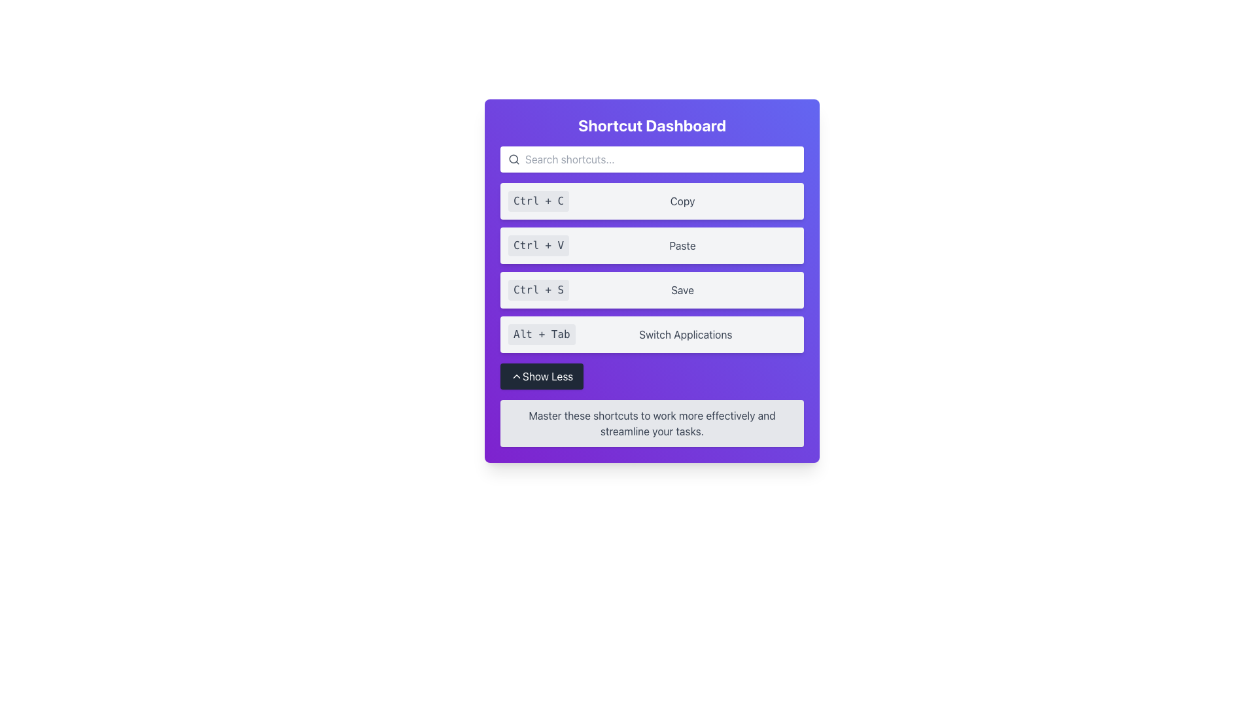 Image resolution: width=1256 pixels, height=706 pixels. I want to click on hollow circular SVG element located within the search icon of the Shortcut Dashboard interface, which is part of the search bar at the top and positioned to the left of the search input field, so click(513, 158).